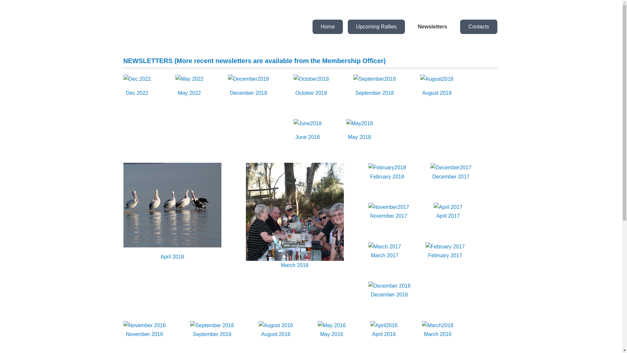 The image size is (627, 353). Describe the element at coordinates (448, 216) in the screenshot. I see `'April 2017'` at that location.